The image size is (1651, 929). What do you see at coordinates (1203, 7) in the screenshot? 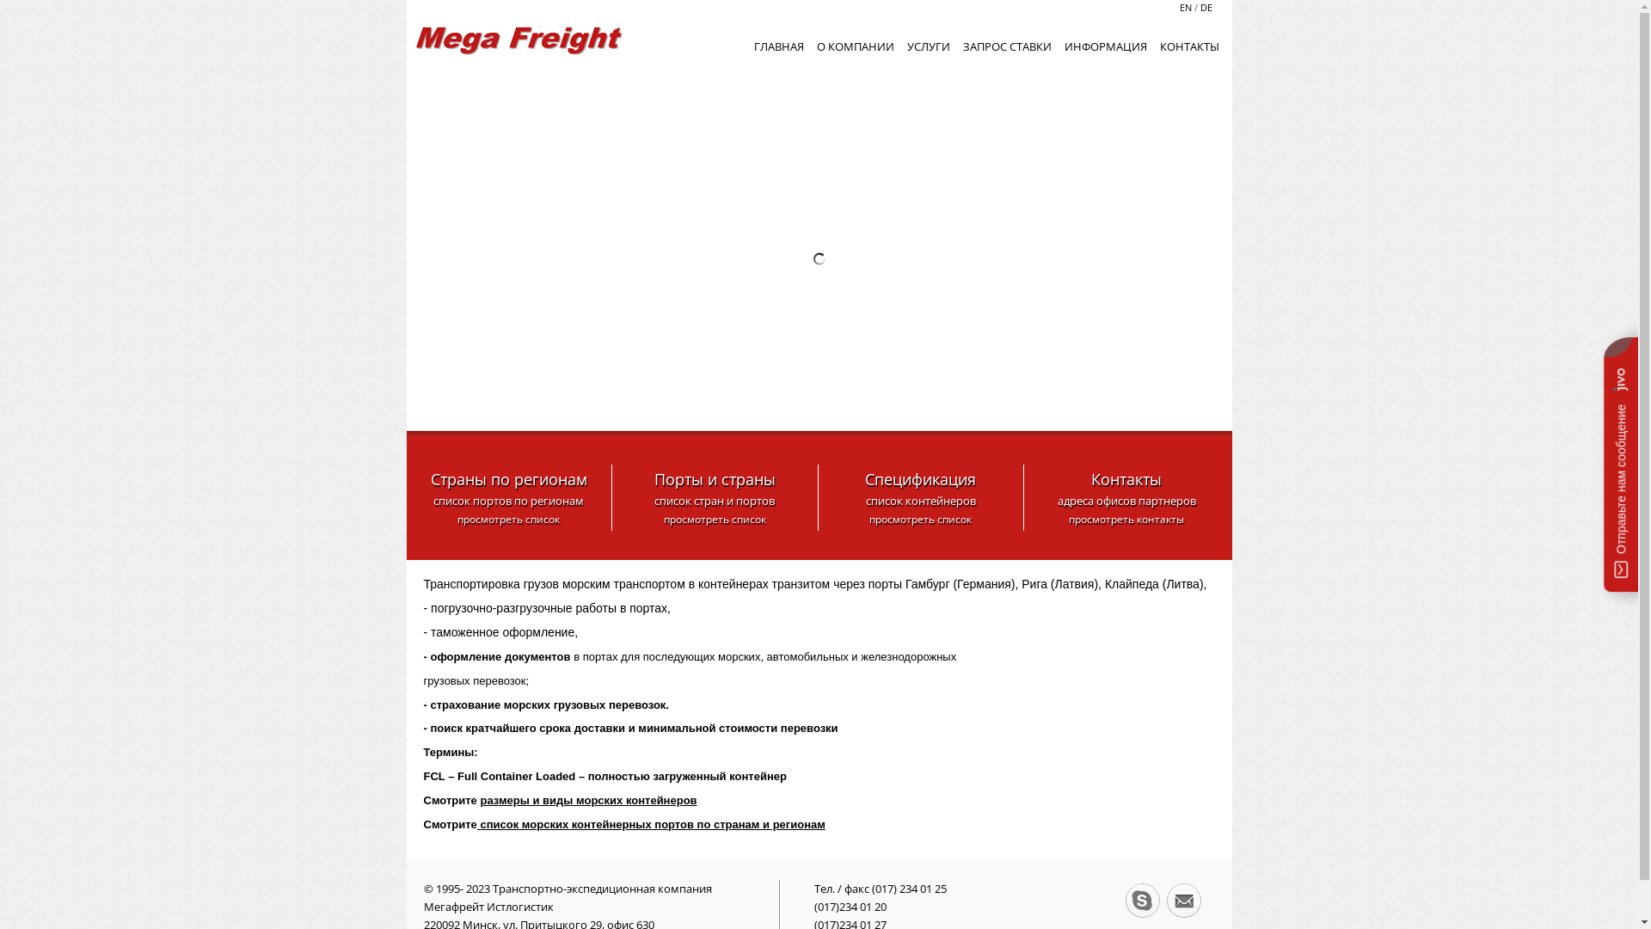
I see `'DE'` at bounding box center [1203, 7].